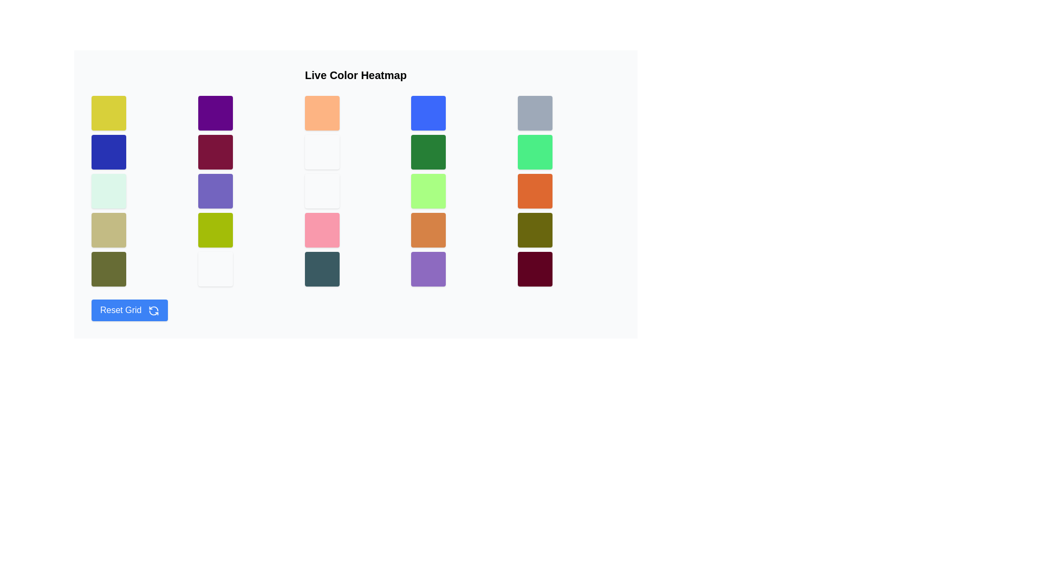 Image resolution: width=1040 pixels, height=585 pixels. I want to click on the dark red square-shaped visual decoration located in the second column and second row of the grid layout, so click(215, 152).